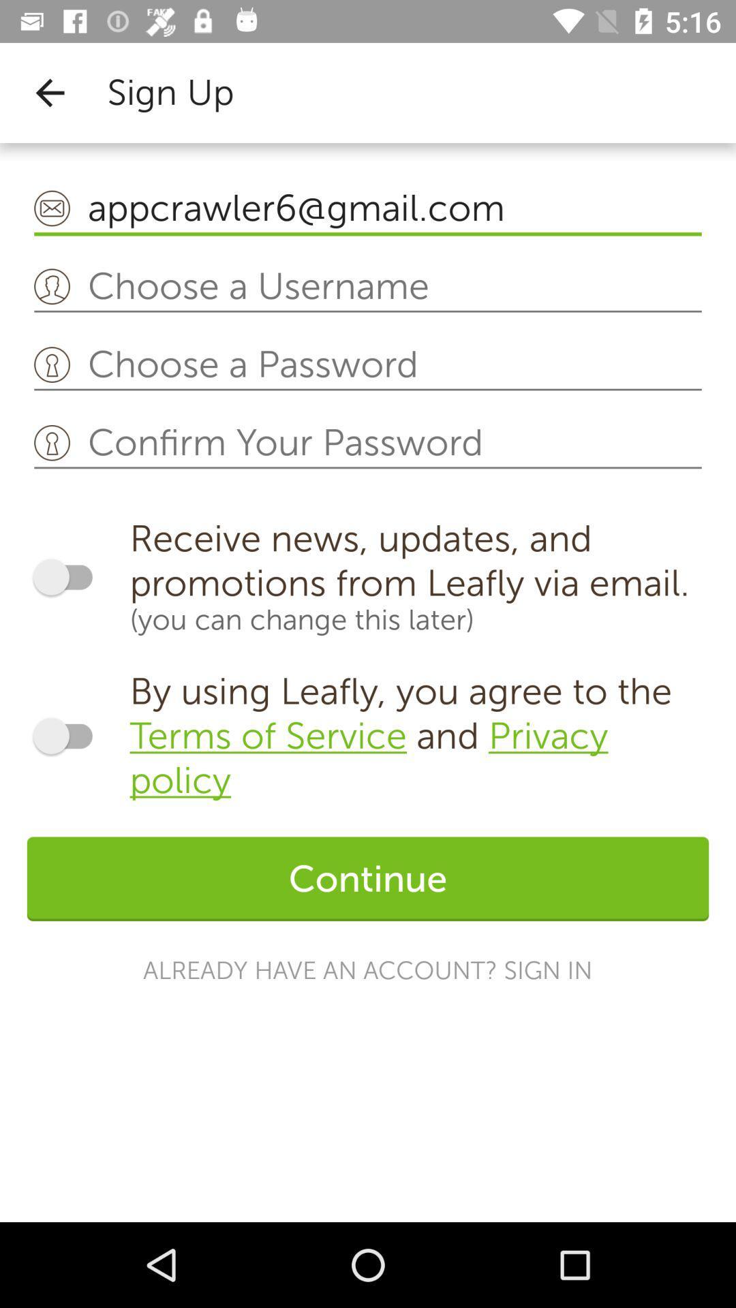  Describe the element at coordinates (49, 92) in the screenshot. I see `the item next to sign up icon` at that location.